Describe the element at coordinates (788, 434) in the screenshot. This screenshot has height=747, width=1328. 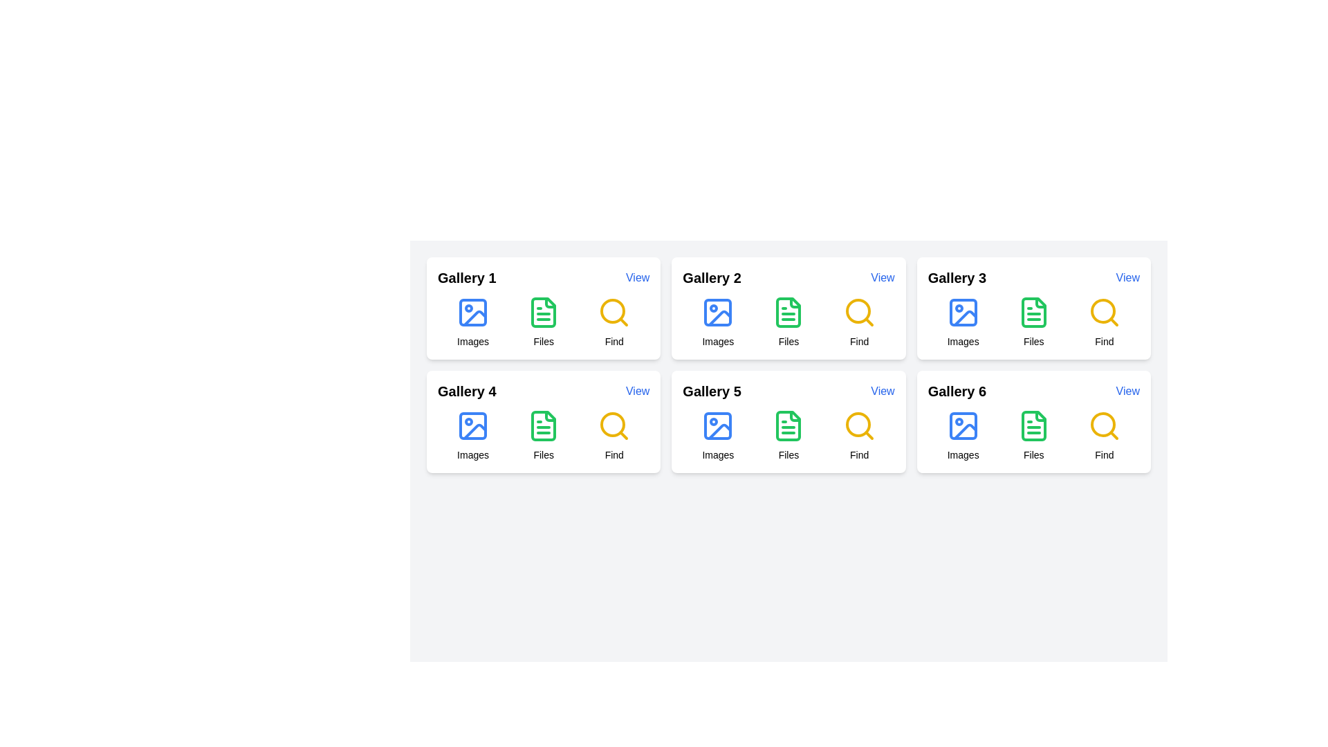
I see `the 'Files' icon element, which consists of a green document icon with a label below it, centered in a horizontal group of options` at that location.